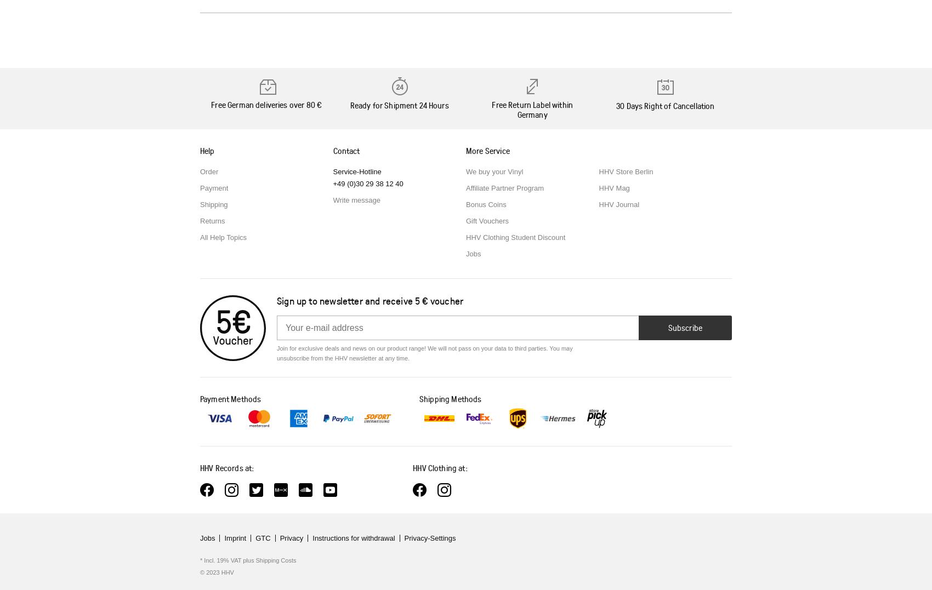  What do you see at coordinates (277, 300) in the screenshot?
I see `'Sign up to newsletter and receive'` at bounding box center [277, 300].